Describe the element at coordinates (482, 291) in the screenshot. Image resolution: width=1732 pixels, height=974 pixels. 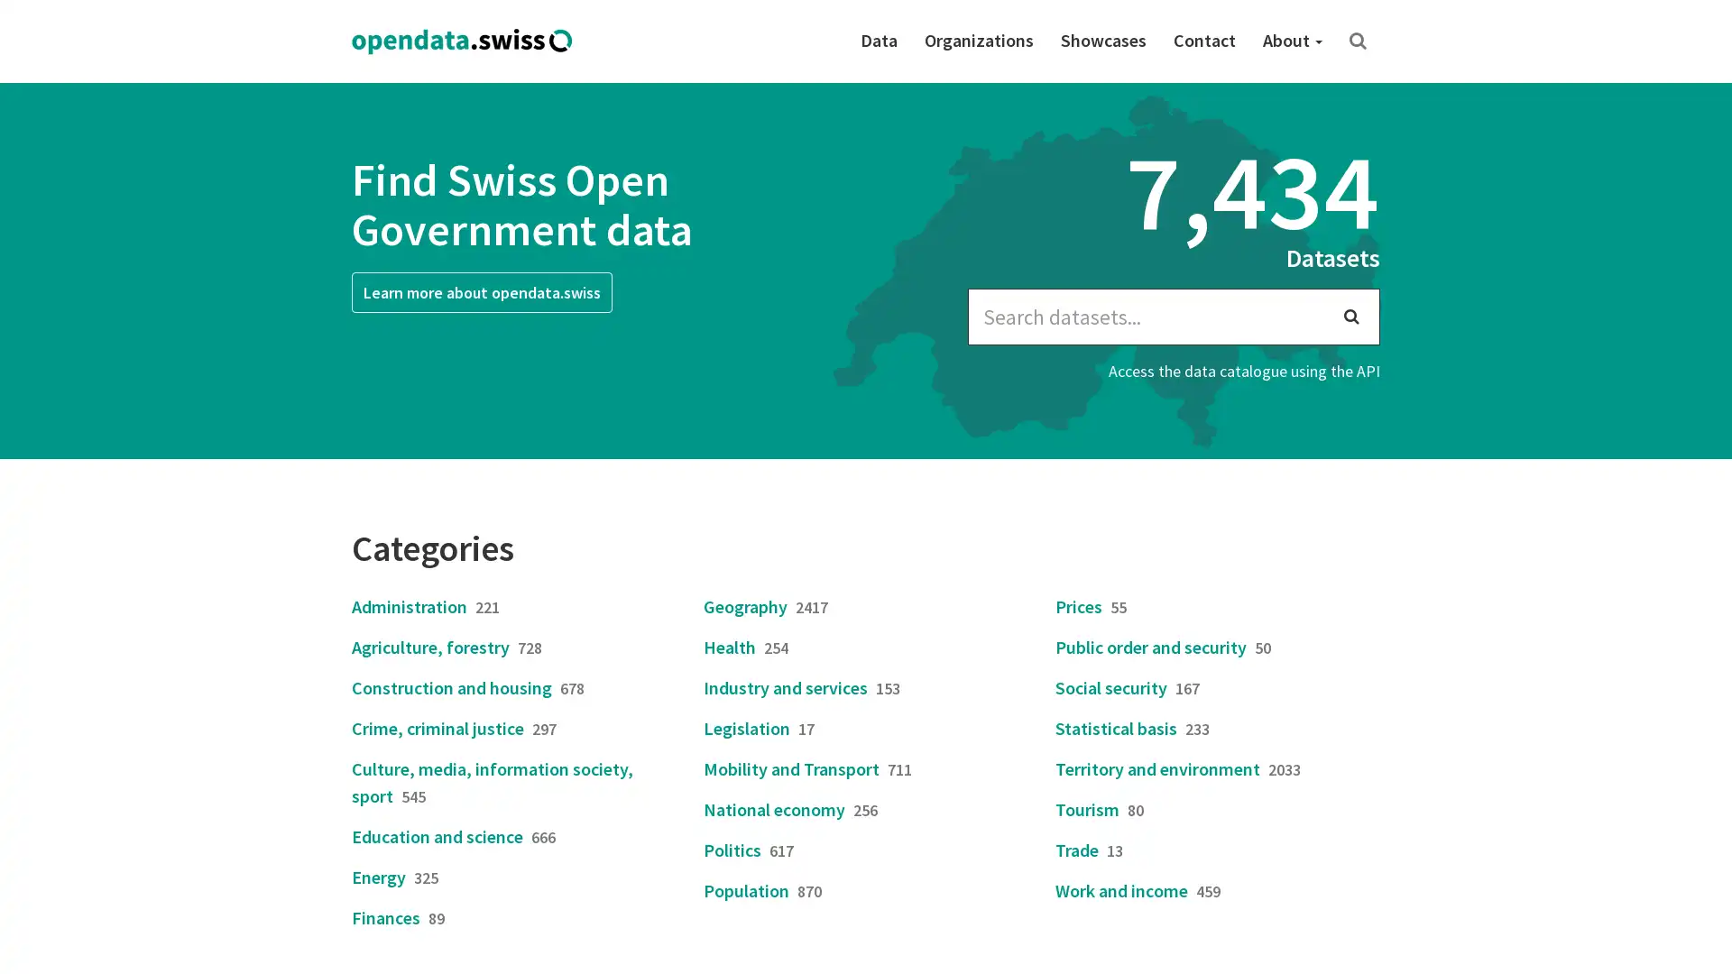
I see `Learn more about opendata.swiss` at that location.